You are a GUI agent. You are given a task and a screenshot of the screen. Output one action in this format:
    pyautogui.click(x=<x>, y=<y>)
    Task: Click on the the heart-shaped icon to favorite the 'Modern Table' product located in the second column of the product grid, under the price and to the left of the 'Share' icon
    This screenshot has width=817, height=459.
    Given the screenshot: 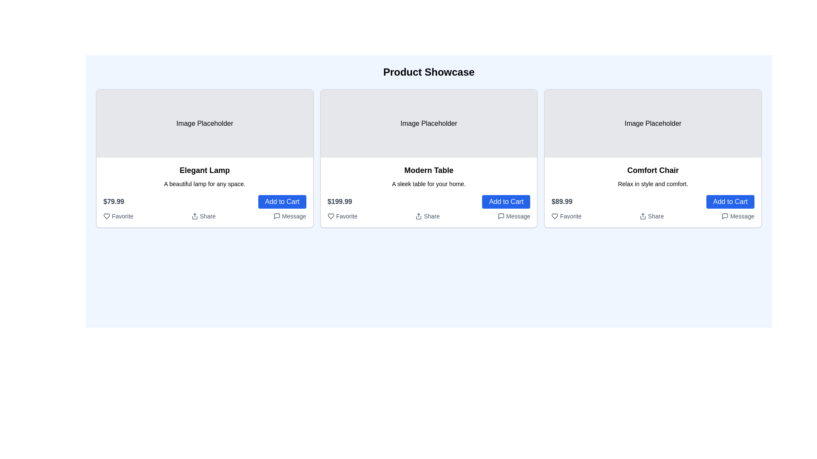 What is the action you would take?
    pyautogui.click(x=330, y=216)
    